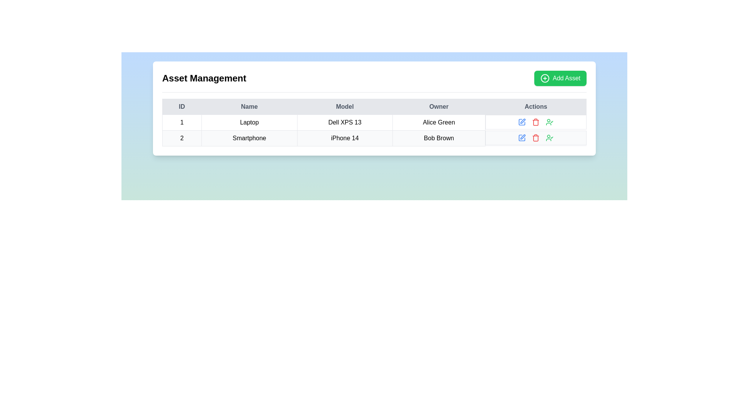 This screenshot has height=415, width=738. What do you see at coordinates (249, 138) in the screenshot?
I see `the label displaying the name 'Smartphone' in the second row of the grid-like table layout under the 'Name' column` at bounding box center [249, 138].